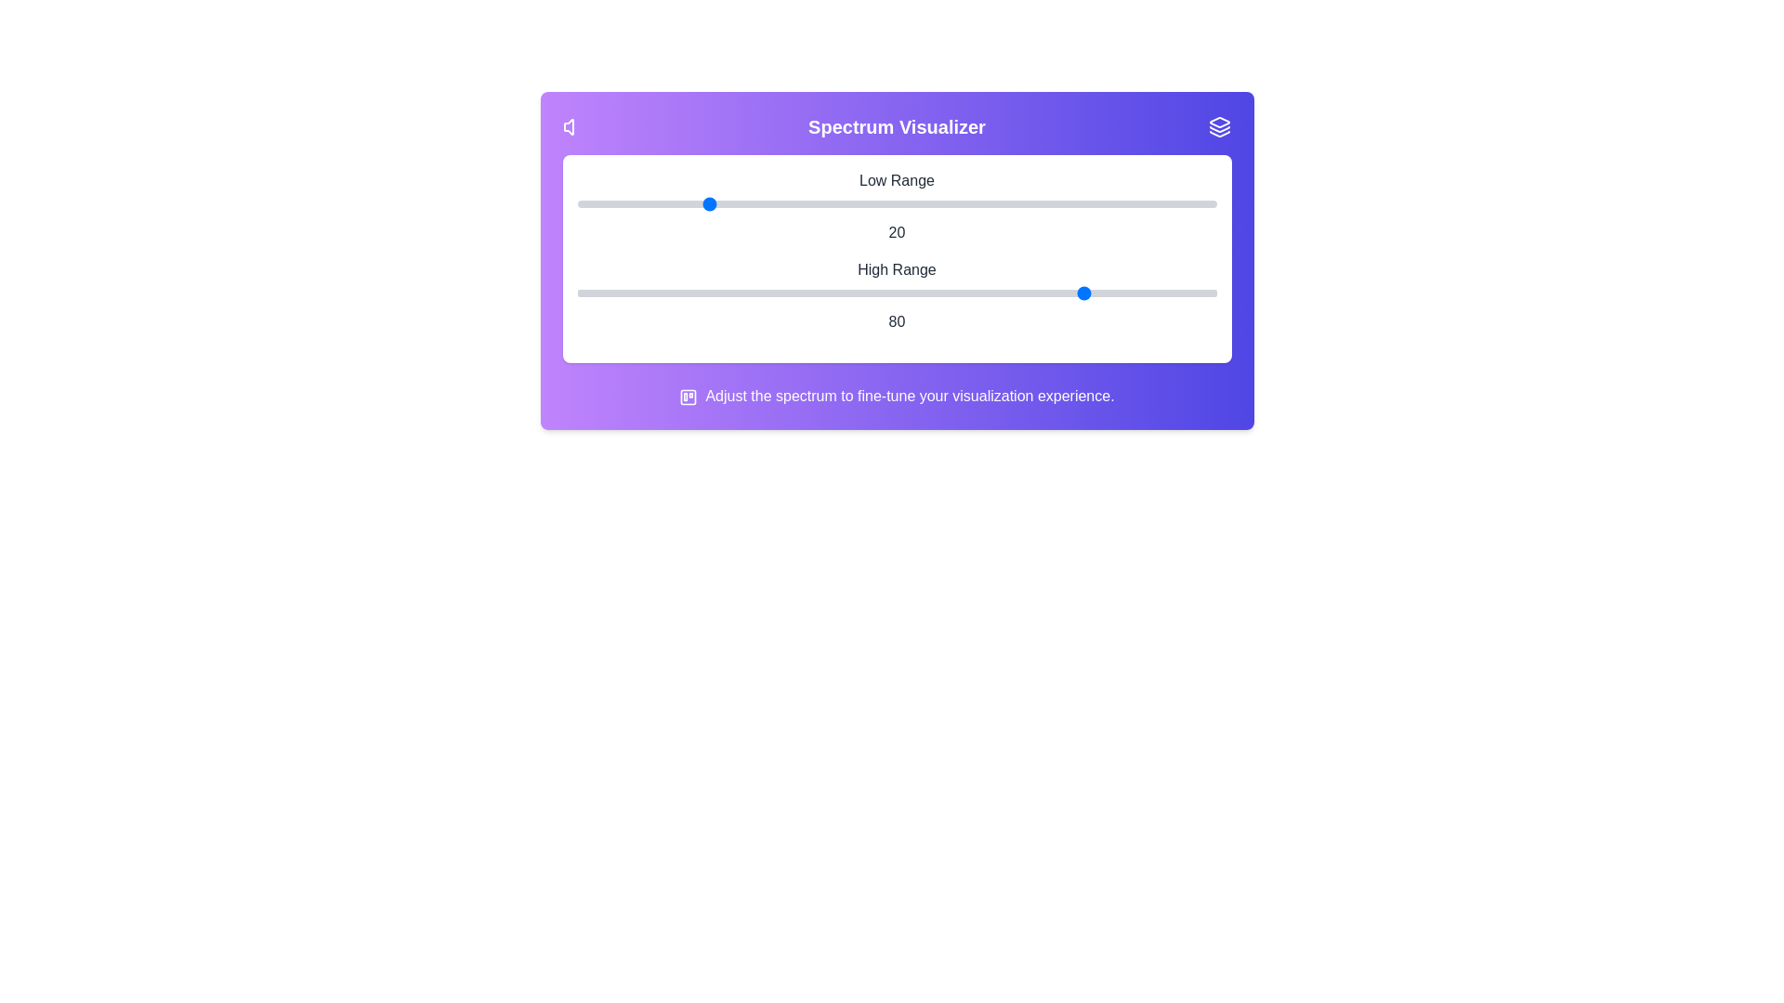  Describe the element at coordinates (1177, 203) in the screenshot. I see `the low range slider to 94` at that location.